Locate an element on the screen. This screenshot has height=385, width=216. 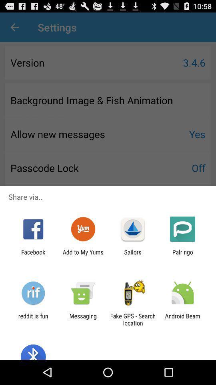
item next to the android beam icon is located at coordinates (133, 319).